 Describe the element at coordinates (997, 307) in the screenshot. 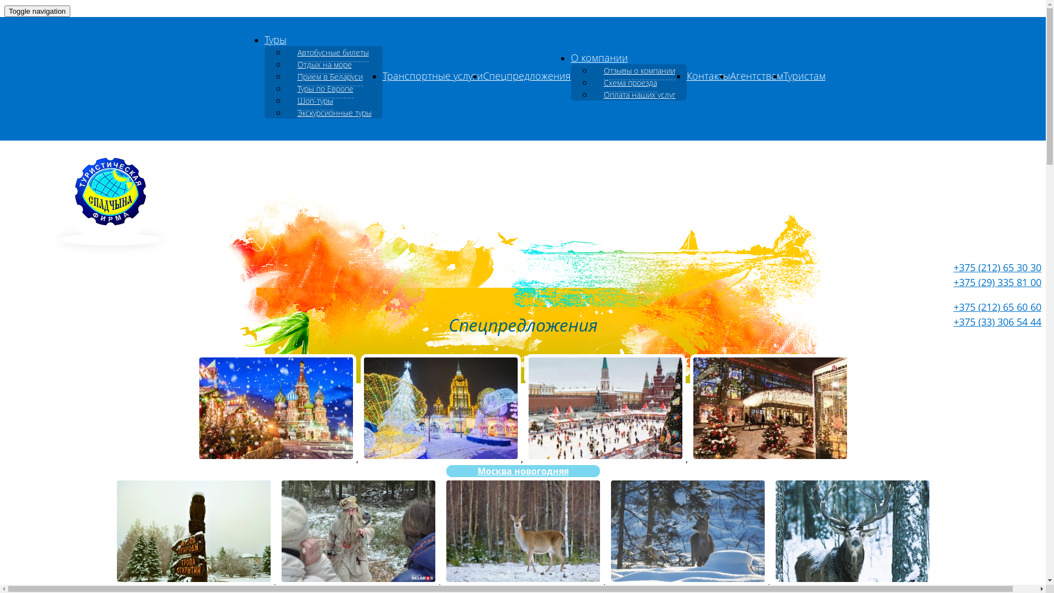

I see `'+375 (212) 65 60 60'` at that location.